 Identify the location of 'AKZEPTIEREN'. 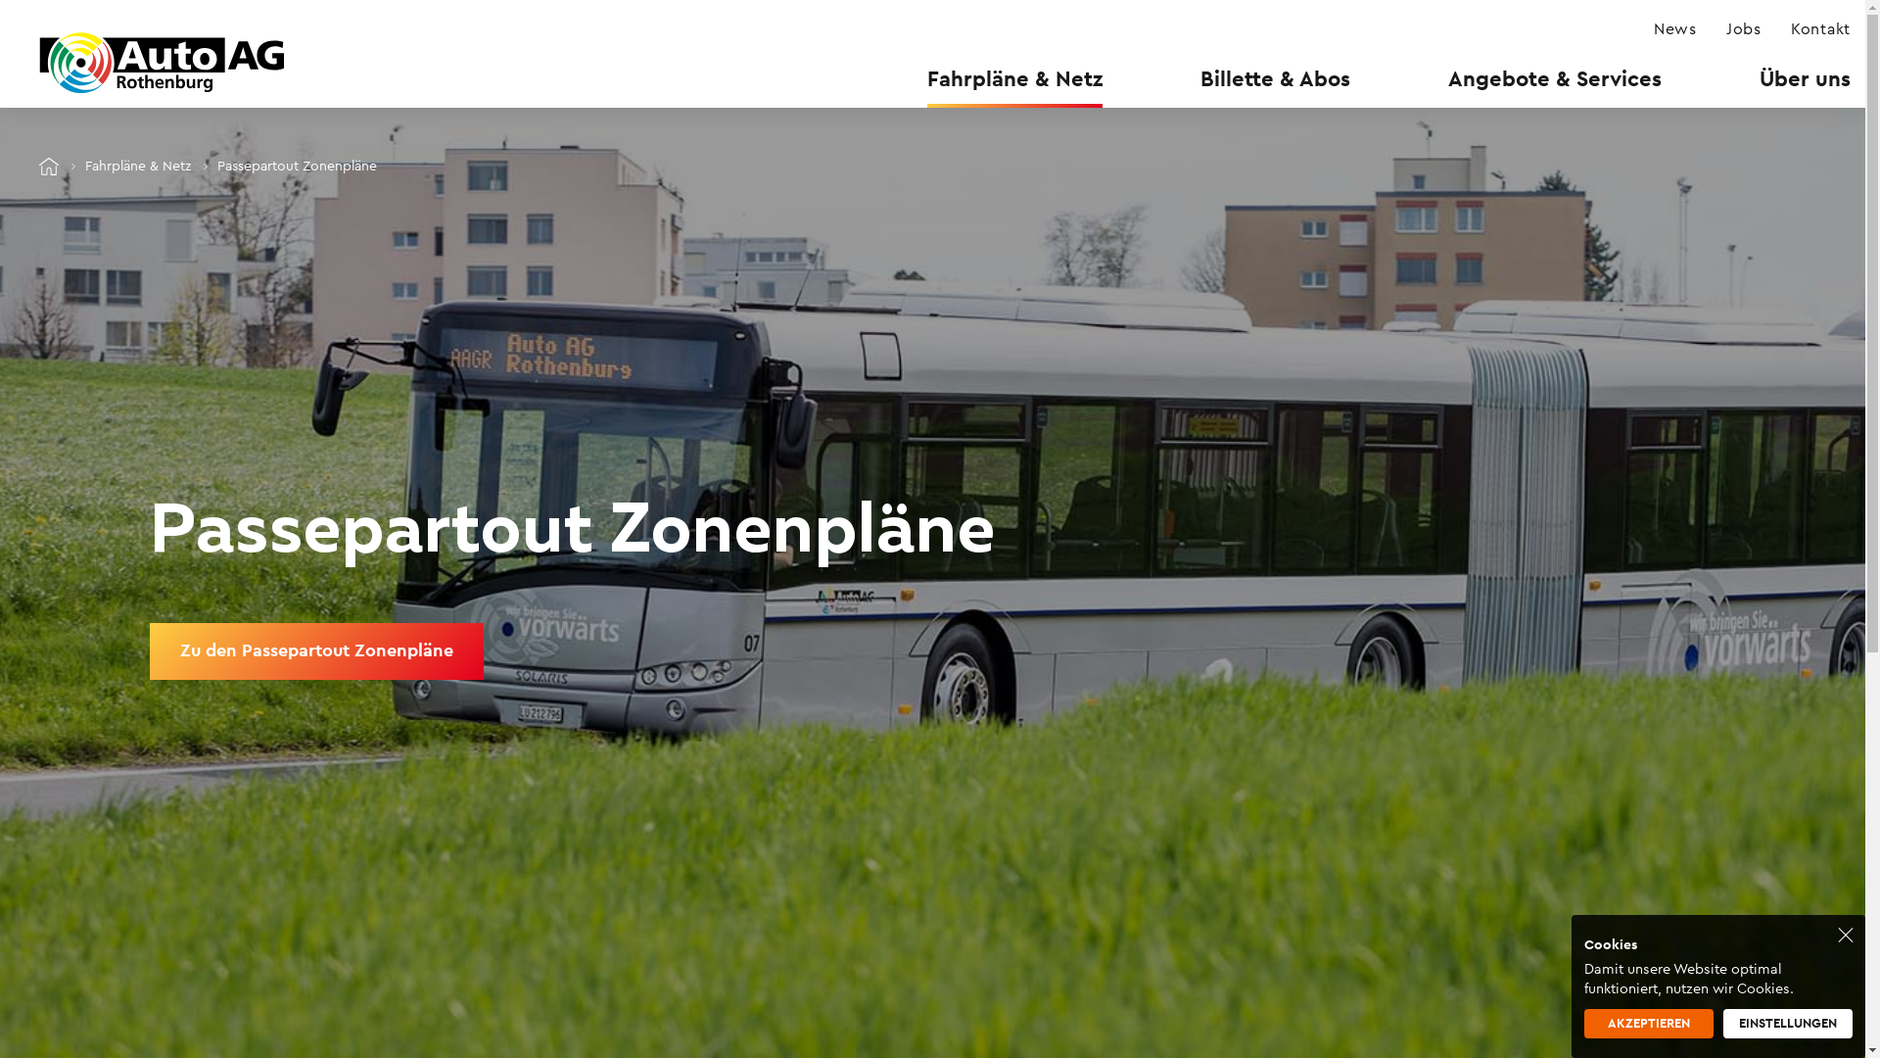
(1648, 1023).